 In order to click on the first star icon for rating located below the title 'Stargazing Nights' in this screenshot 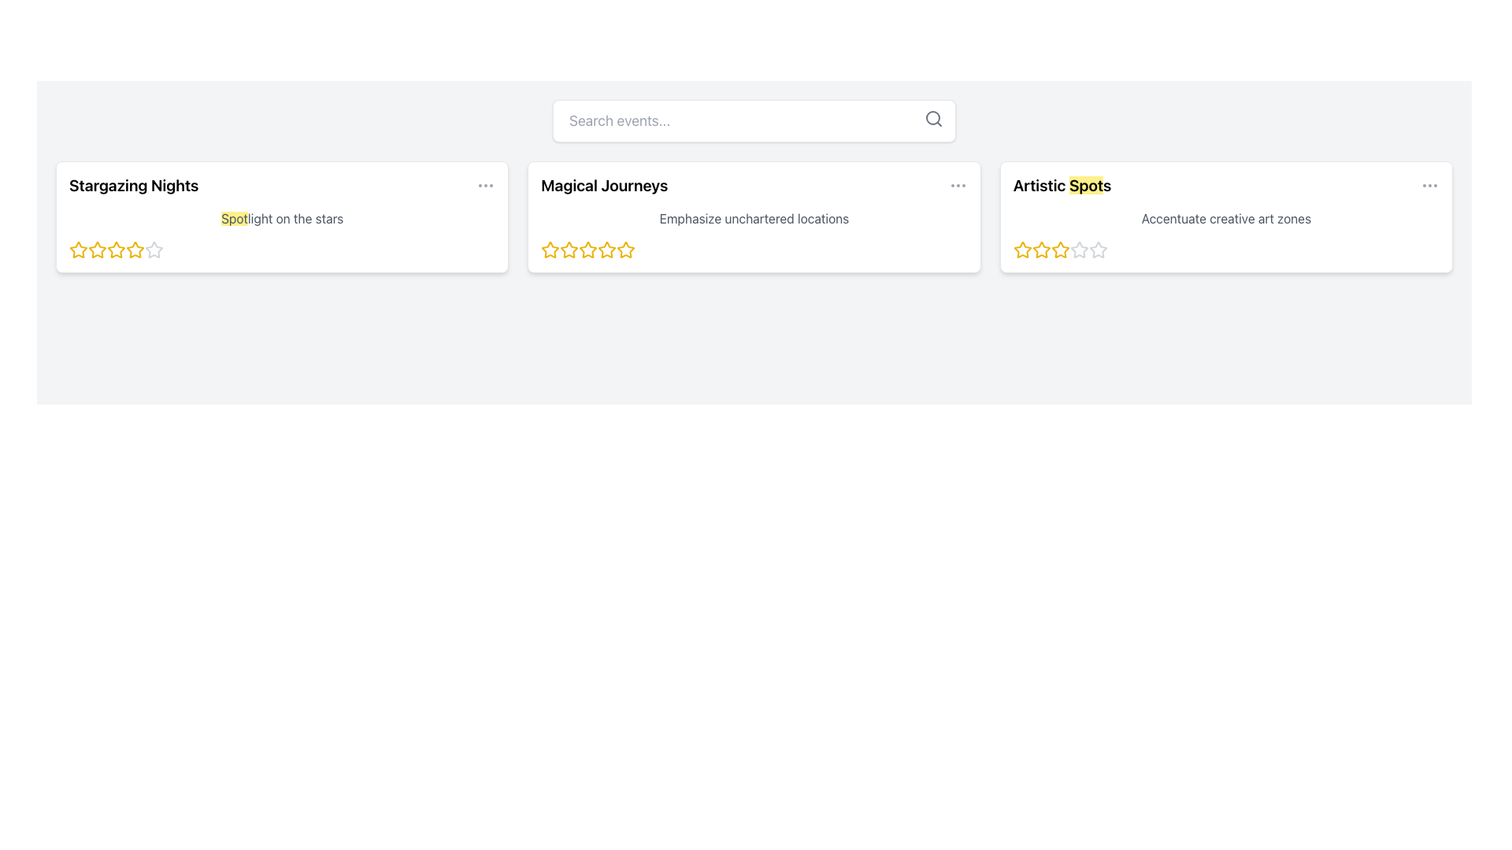, I will do `click(97, 249)`.